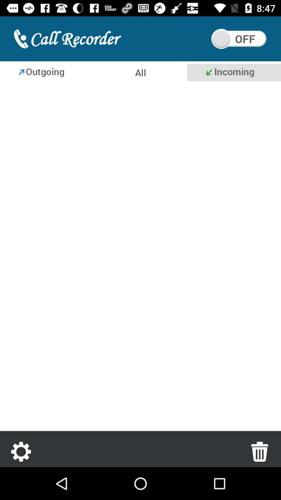 The width and height of the screenshot is (281, 500). I want to click on on, so click(239, 39).